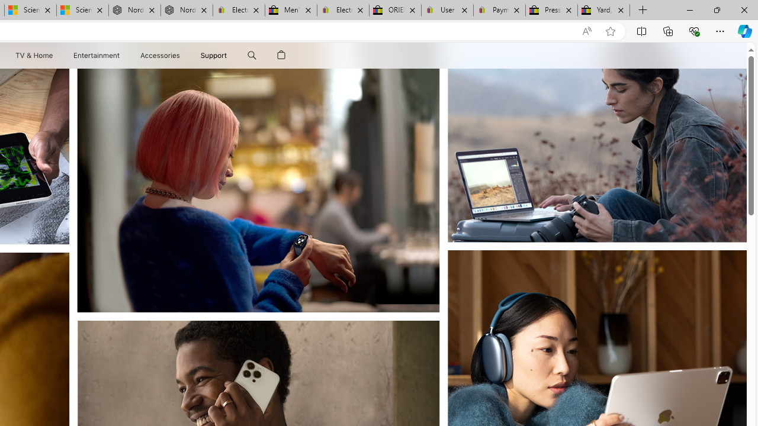 The height and width of the screenshot is (426, 758). What do you see at coordinates (499, 10) in the screenshot?
I see `'Payments Terms of Use | eBay.com'` at bounding box center [499, 10].